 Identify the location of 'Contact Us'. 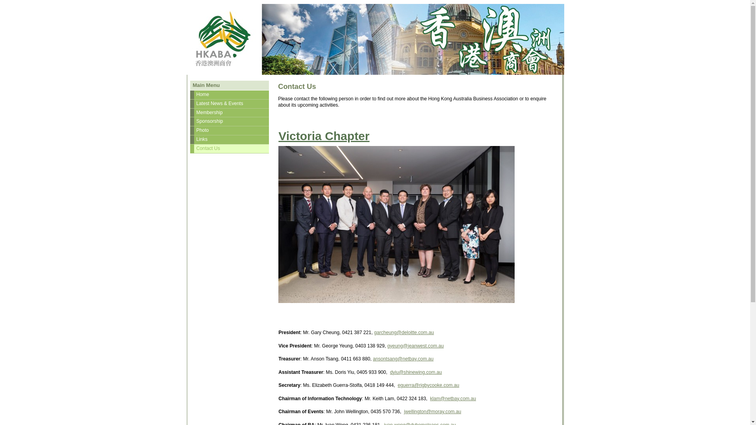
(229, 149).